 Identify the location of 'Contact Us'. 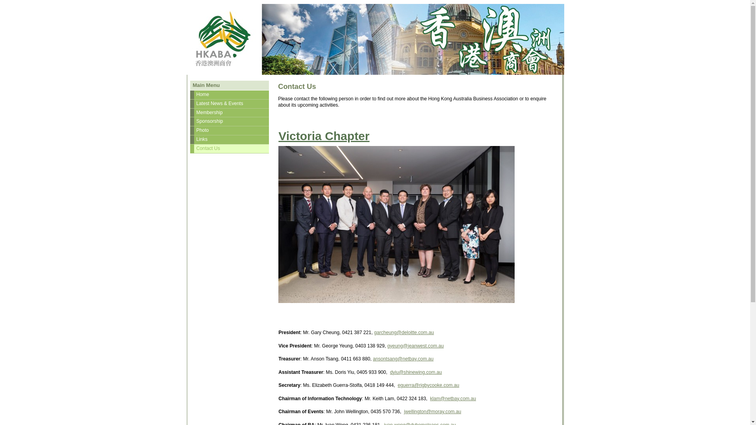
(229, 149).